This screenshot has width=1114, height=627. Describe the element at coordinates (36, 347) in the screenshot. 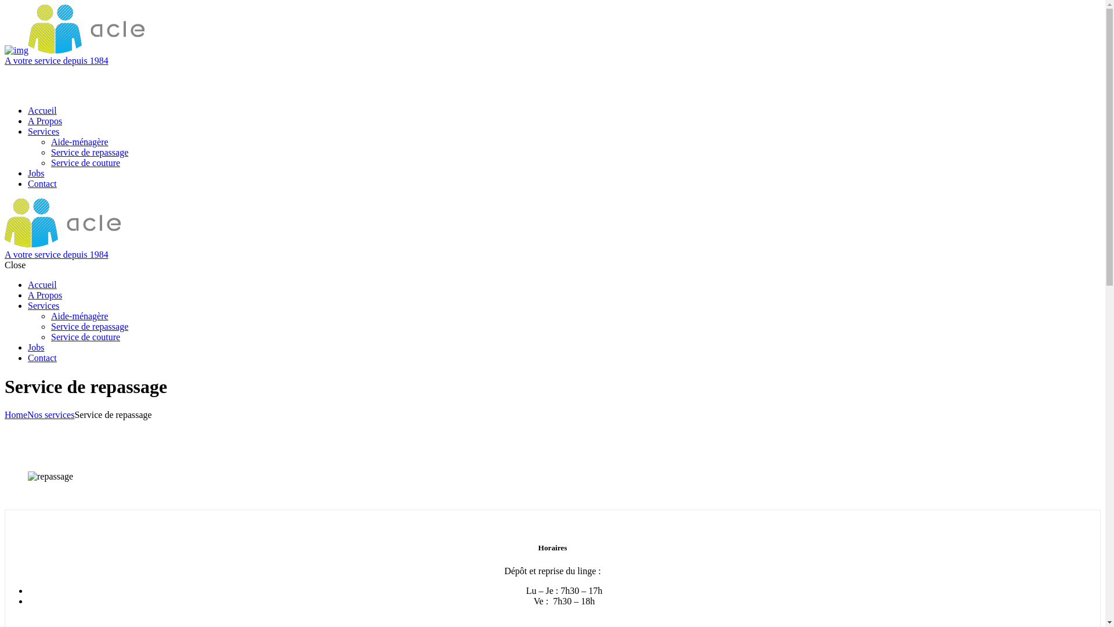

I see `'Jobs'` at that location.